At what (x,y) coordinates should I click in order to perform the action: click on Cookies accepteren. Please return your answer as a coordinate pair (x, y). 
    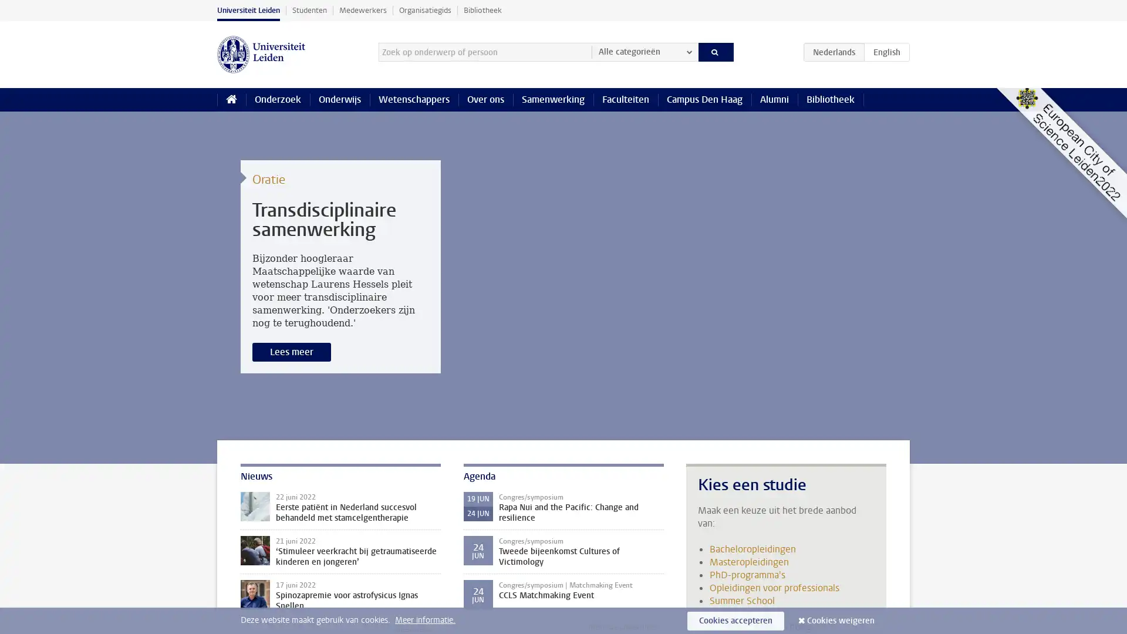
    Looking at the image, I should click on (735, 620).